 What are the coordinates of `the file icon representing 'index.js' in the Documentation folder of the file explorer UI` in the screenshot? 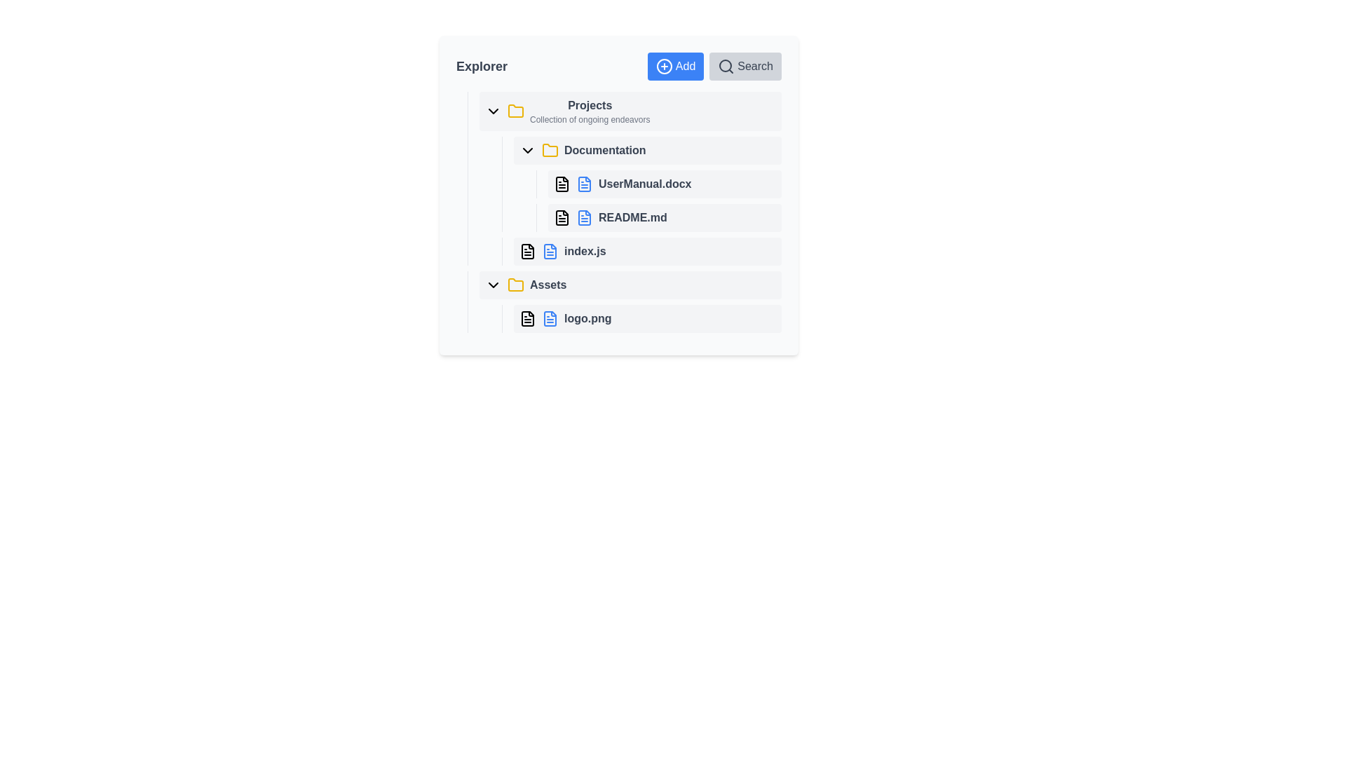 It's located at (527, 250).